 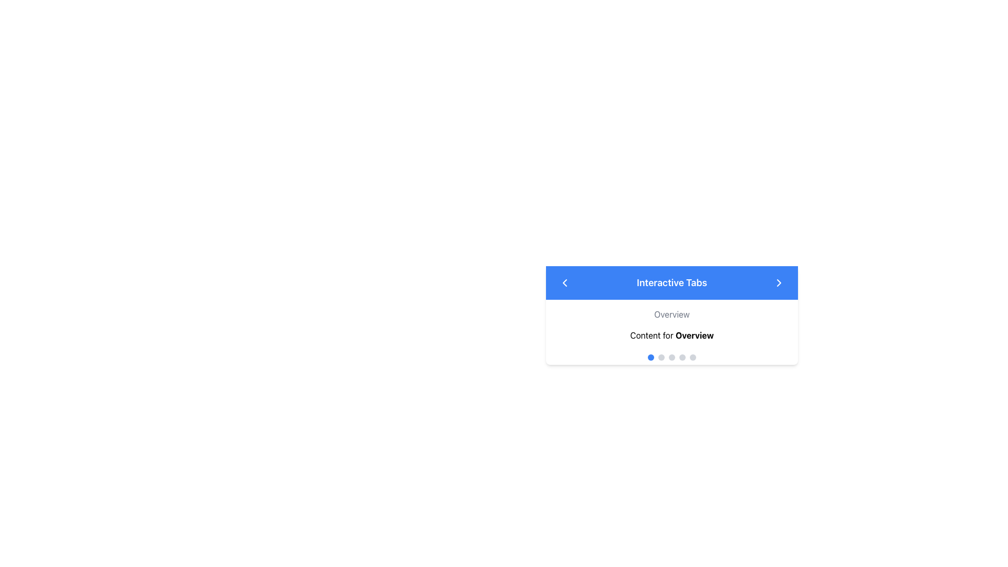 What do you see at coordinates (564, 282) in the screenshot?
I see `the leftmost button in the blue header section labeled 'Interactive Tabs'` at bounding box center [564, 282].